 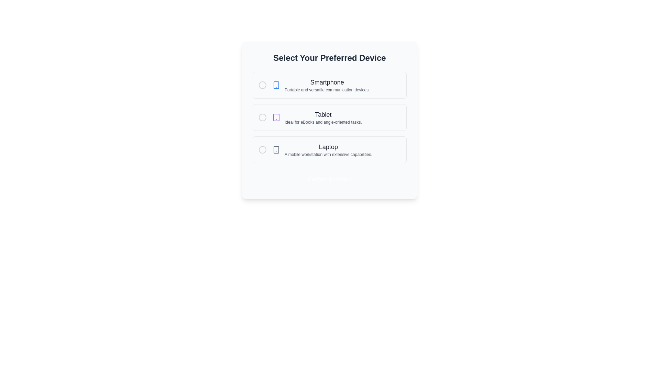 What do you see at coordinates (276, 85) in the screenshot?
I see `the rectangular-shaped SVG element with rounded corners that is part of the smartphone icon, located to the left of the 'Smartphone' label in the selection list` at bounding box center [276, 85].